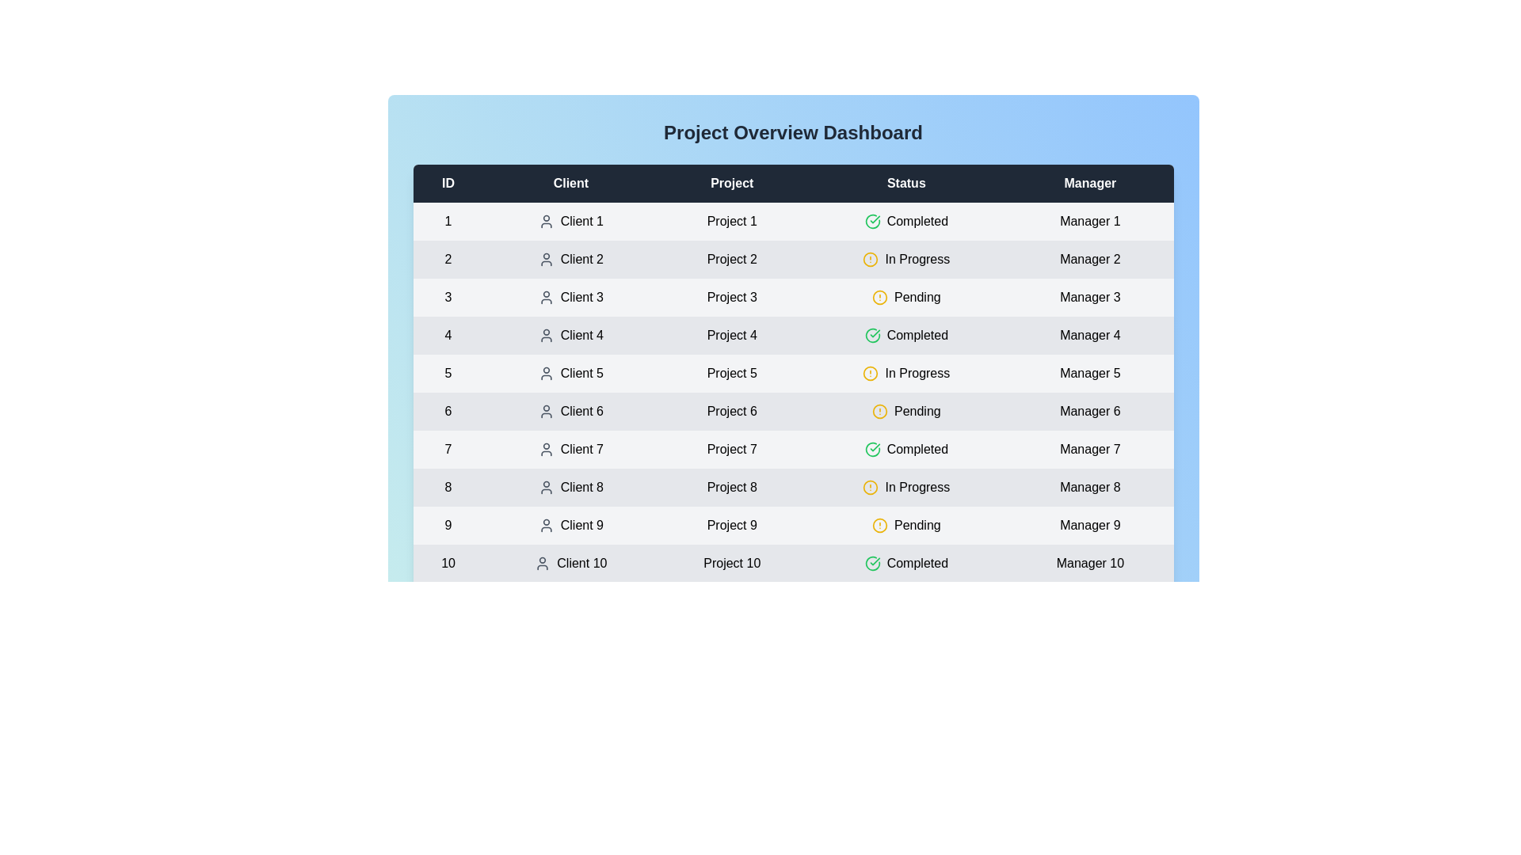  What do you see at coordinates (448, 182) in the screenshot?
I see `the table header ID to sort the column` at bounding box center [448, 182].